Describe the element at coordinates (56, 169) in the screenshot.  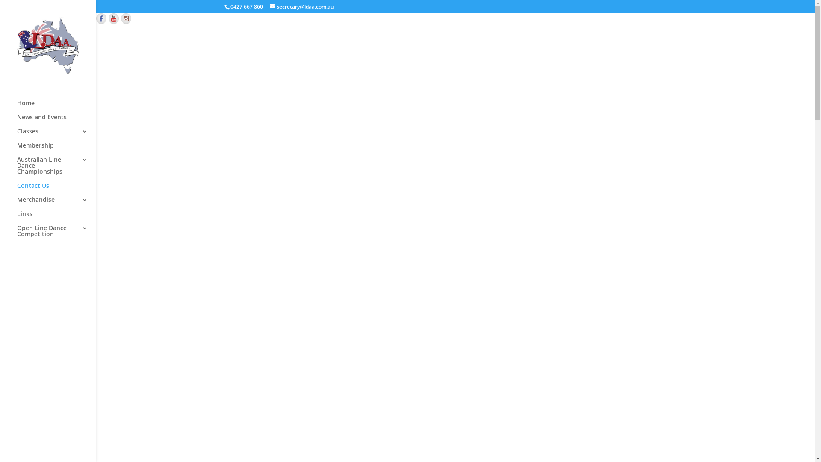
I see `'Australian Line Dance Championships'` at that location.